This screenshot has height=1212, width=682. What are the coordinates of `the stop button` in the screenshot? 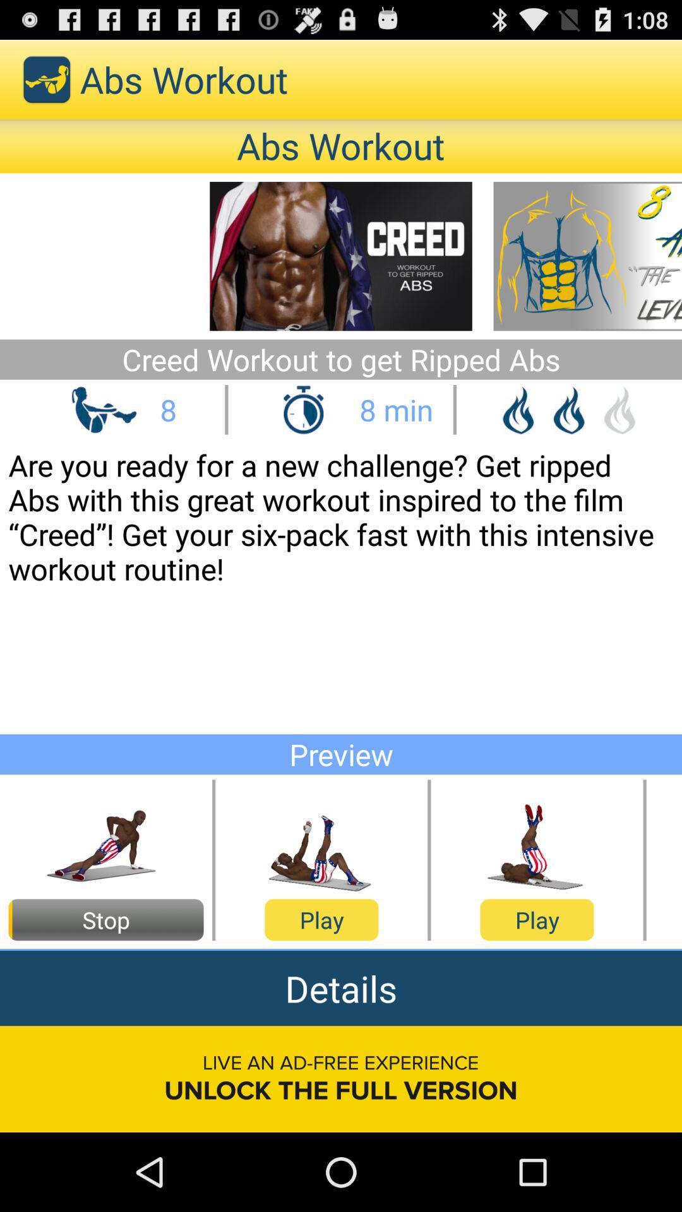 It's located at (105, 920).